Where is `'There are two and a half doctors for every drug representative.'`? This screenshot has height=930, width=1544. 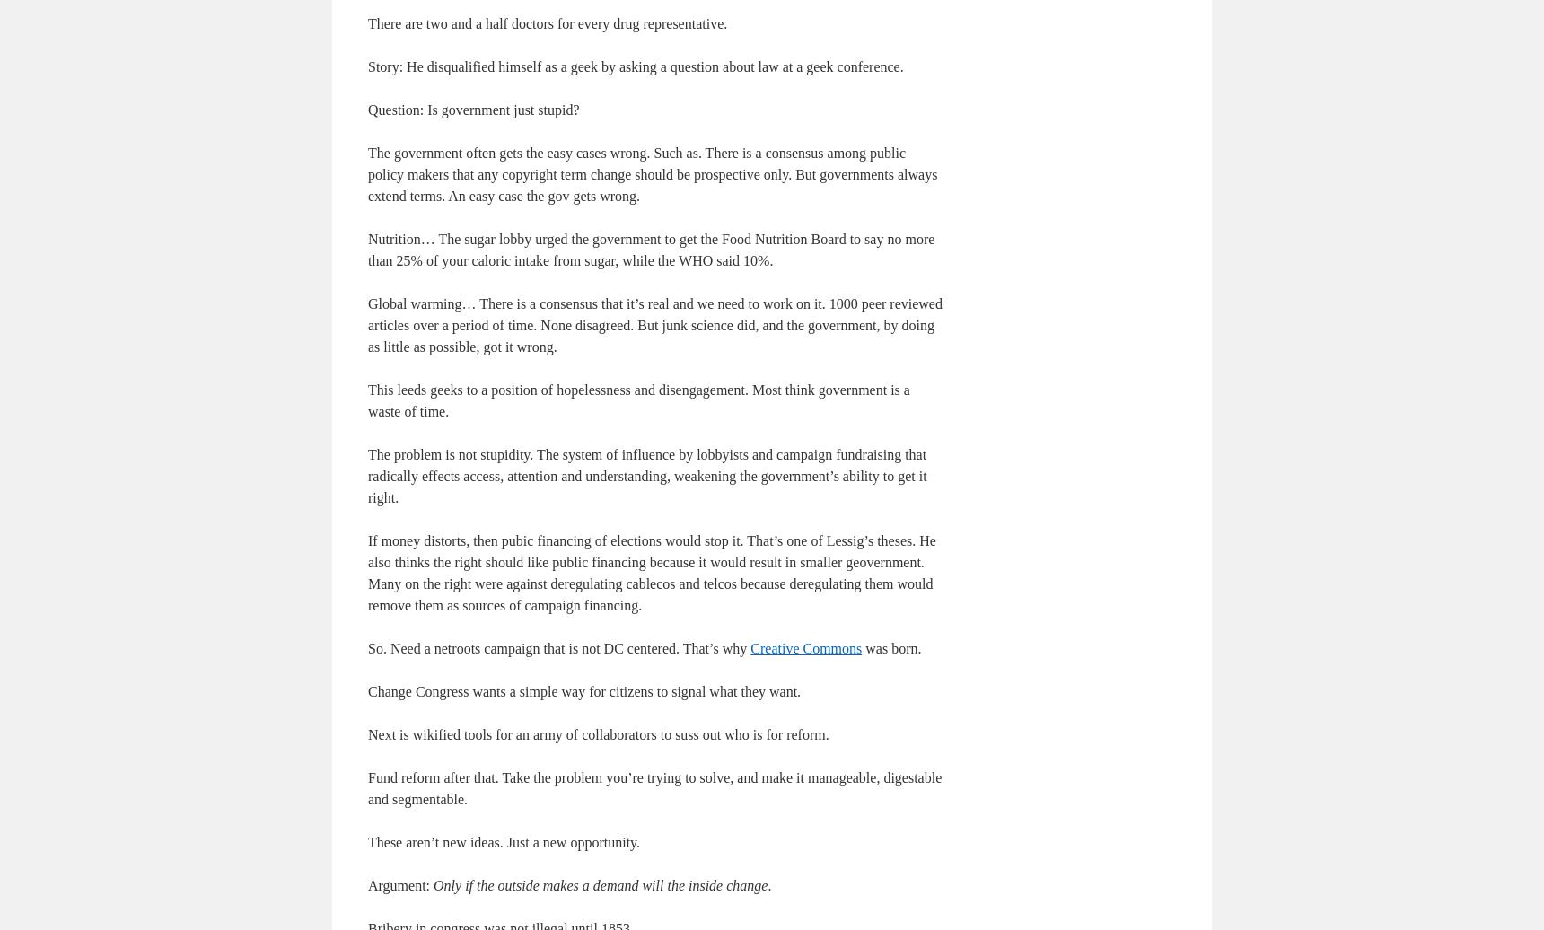 'There are two and a half doctors for every drug representative.' is located at coordinates (547, 22).